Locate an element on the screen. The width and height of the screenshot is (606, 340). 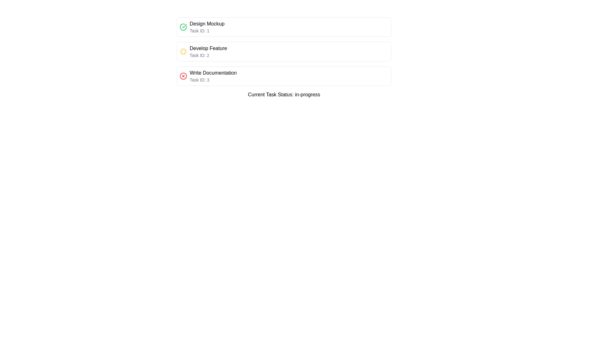
the Text item displaying the task's name and Task ID, located in the first row of the vertical list of task items, positioned to the right of a green checkmark icon is located at coordinates (207, 26).